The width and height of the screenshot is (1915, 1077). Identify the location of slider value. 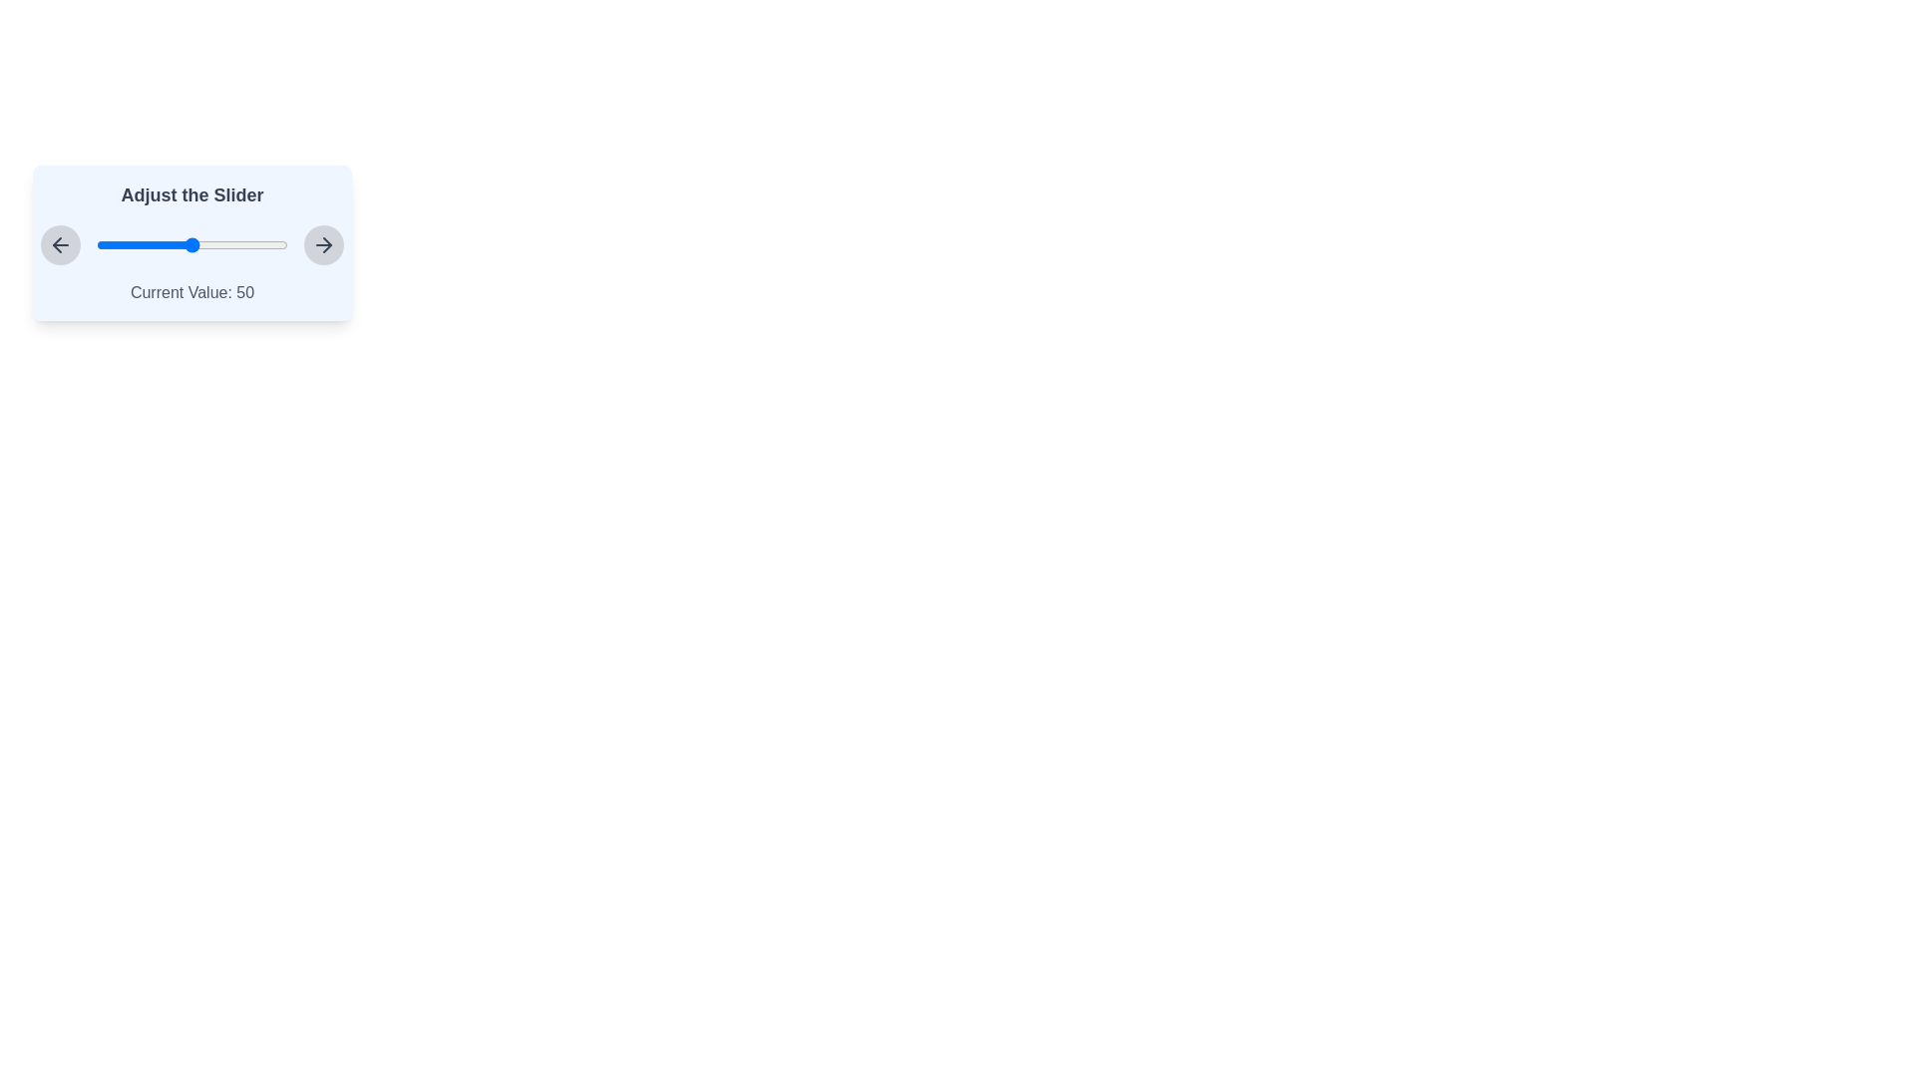
(244, 244).